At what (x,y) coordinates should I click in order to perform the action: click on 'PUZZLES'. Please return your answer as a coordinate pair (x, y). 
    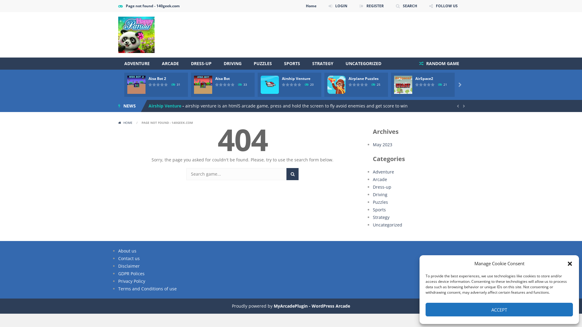
    Looking at the image, I should click on (263, 63).